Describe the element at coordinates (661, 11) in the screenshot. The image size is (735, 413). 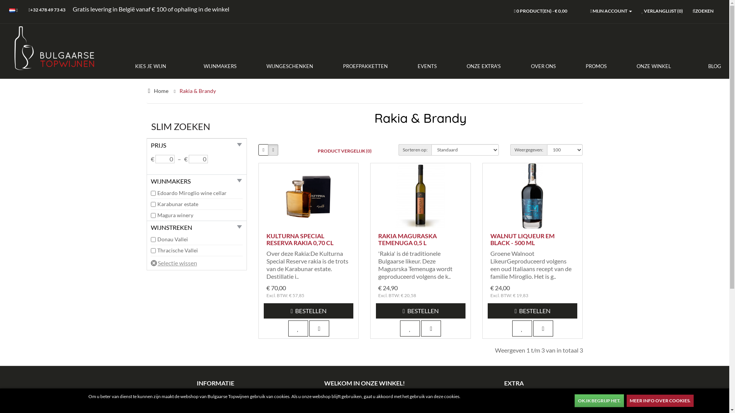
I see `'VERLANGLIJST (0)'` at that location.